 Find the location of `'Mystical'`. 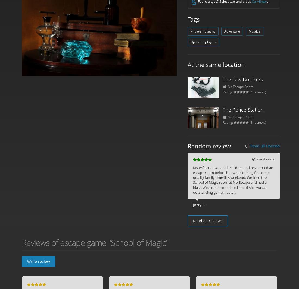

'Mystical' is located at coordinates (248, 31).